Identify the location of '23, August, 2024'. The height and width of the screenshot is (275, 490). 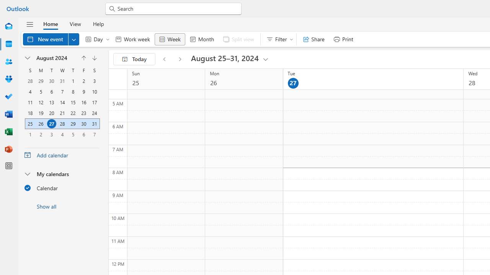
(83, 113).